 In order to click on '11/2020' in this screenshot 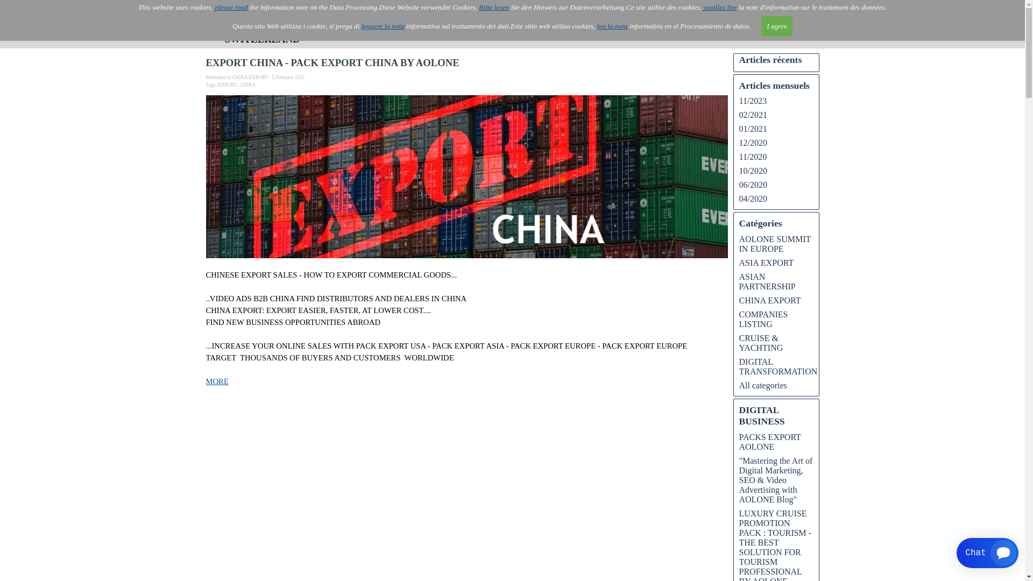, I will do `click(753, 157)`.